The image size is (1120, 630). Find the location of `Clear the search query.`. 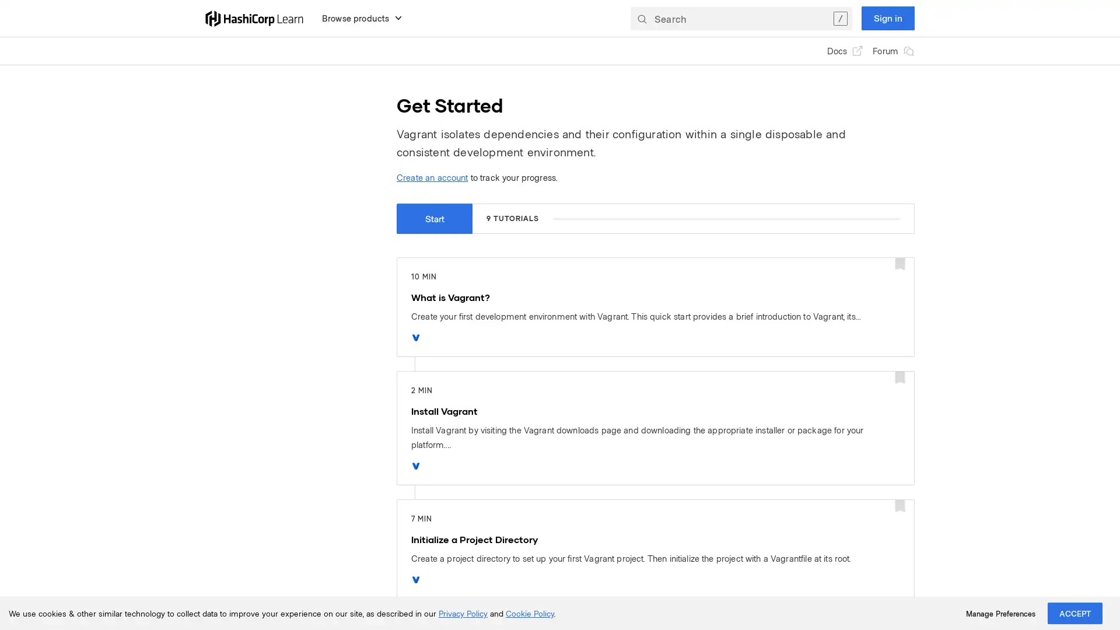

Clear the search query. is located at coordinates (840, 17).